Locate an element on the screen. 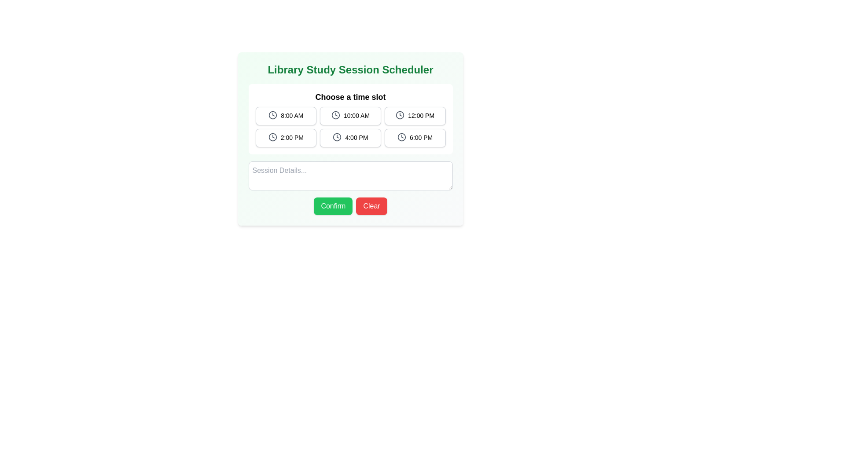 The height and width of the screenshot is (475, 845). the rectangular button with a clock icon and the text '2:00 PM' is located at coordinates (286, 138).